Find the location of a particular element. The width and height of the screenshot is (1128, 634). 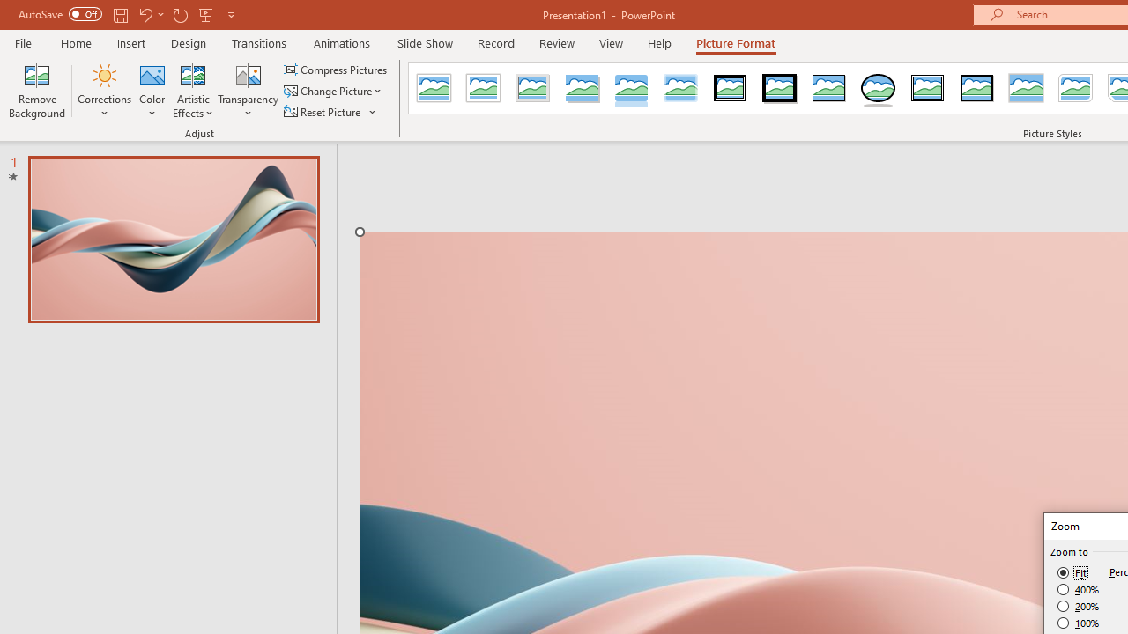

'Change Picture' is located at coordinates (334, 91).